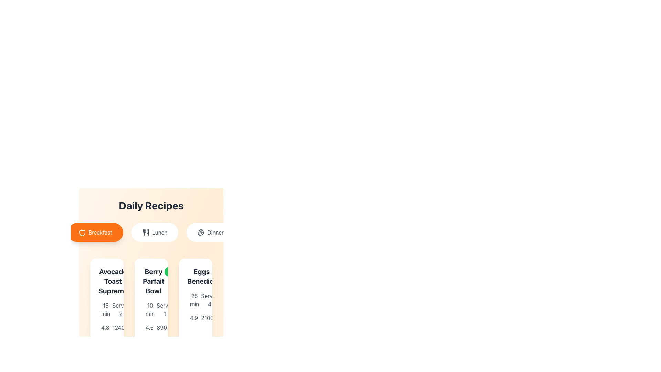  I want to click on the informational text label indicating the preparation or cooking time of 25 minutes for the 'Eggs Benedict' recipe, located in the top-left corner of the recipe card, so click(190, 300).